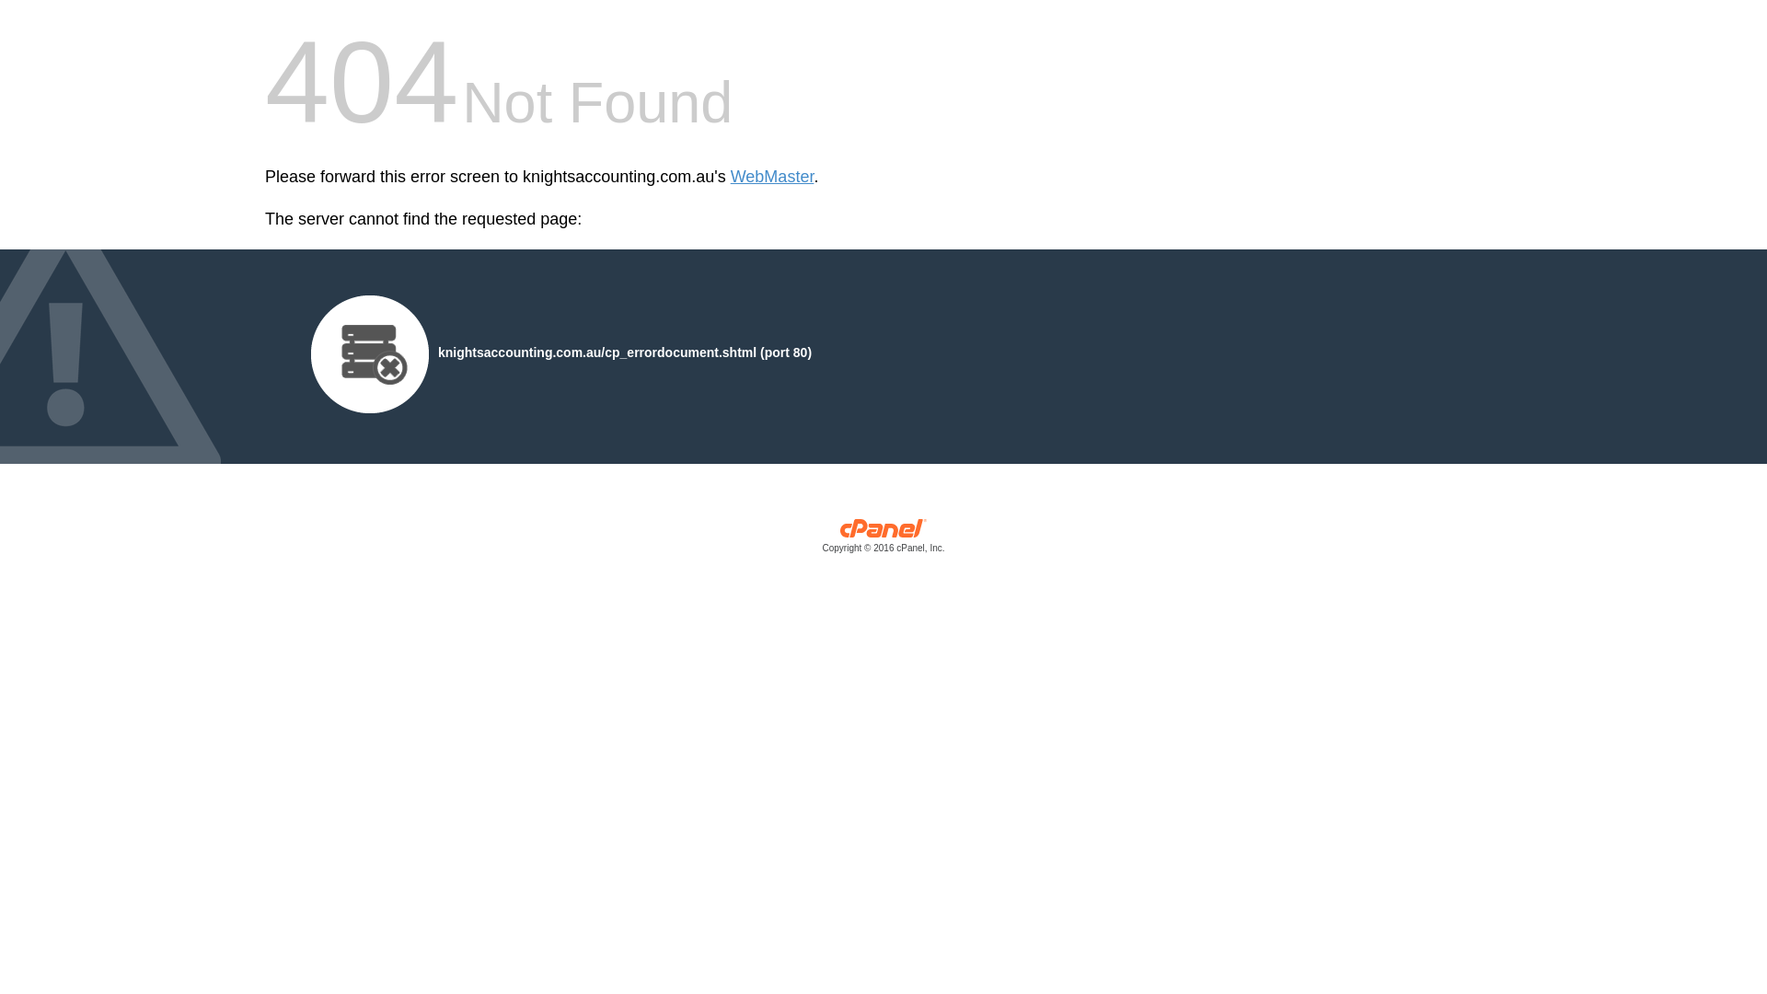 This screenshot has width=1767, height=994. Describe the element at coordinates (729, 177) in the screenshot. I see `'WebMaster'` at that location.